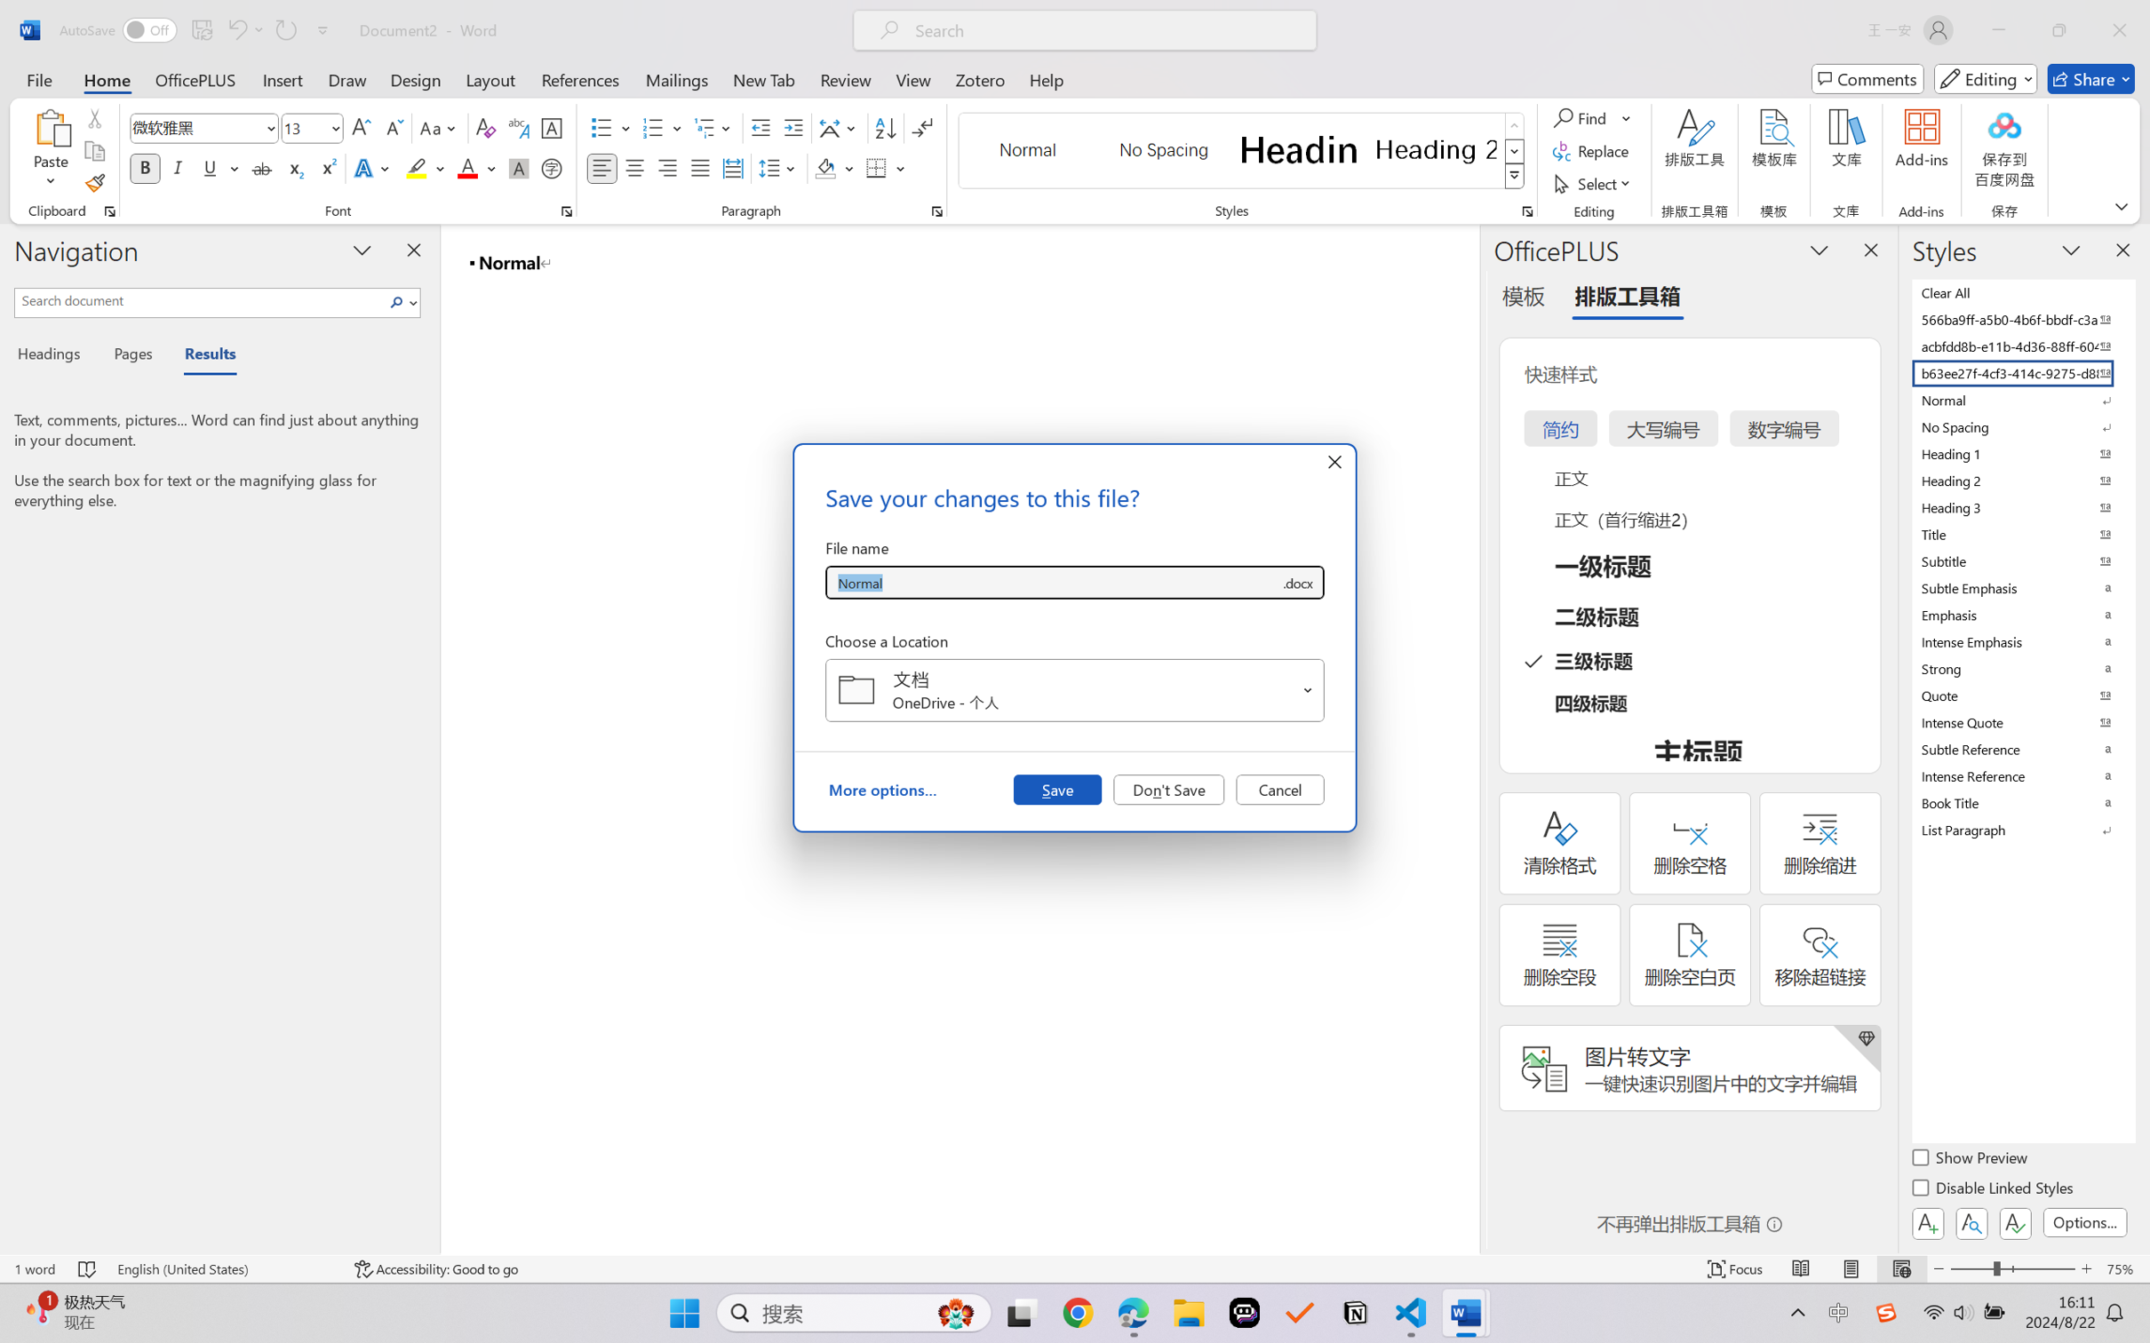 The image size is (2150, 1343). I want to click on 'Customize Quick Access Toolbar', so click(322, 29).